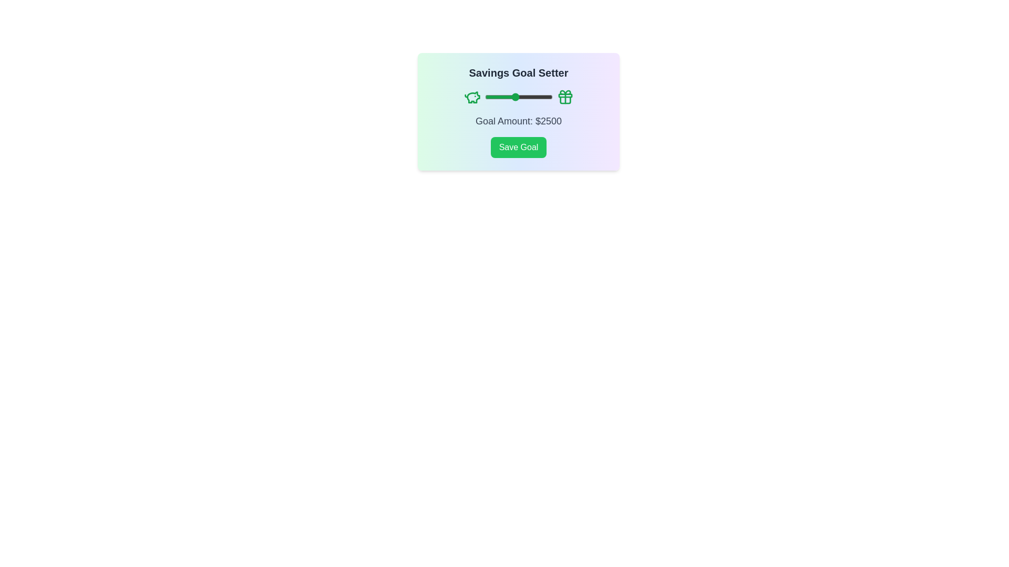 This screenshot has width=1009, height=567. I want to click on the slider to set the goal amount to 3970, so click(537, 97).